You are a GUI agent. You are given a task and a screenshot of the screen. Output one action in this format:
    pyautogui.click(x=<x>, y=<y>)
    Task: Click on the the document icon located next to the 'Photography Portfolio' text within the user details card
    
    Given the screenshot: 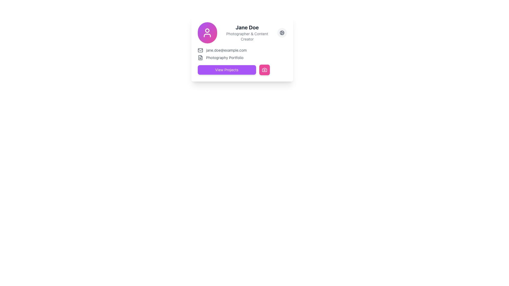 What is the action you would take?
    pyautogui.click(x=200, y=58)
    